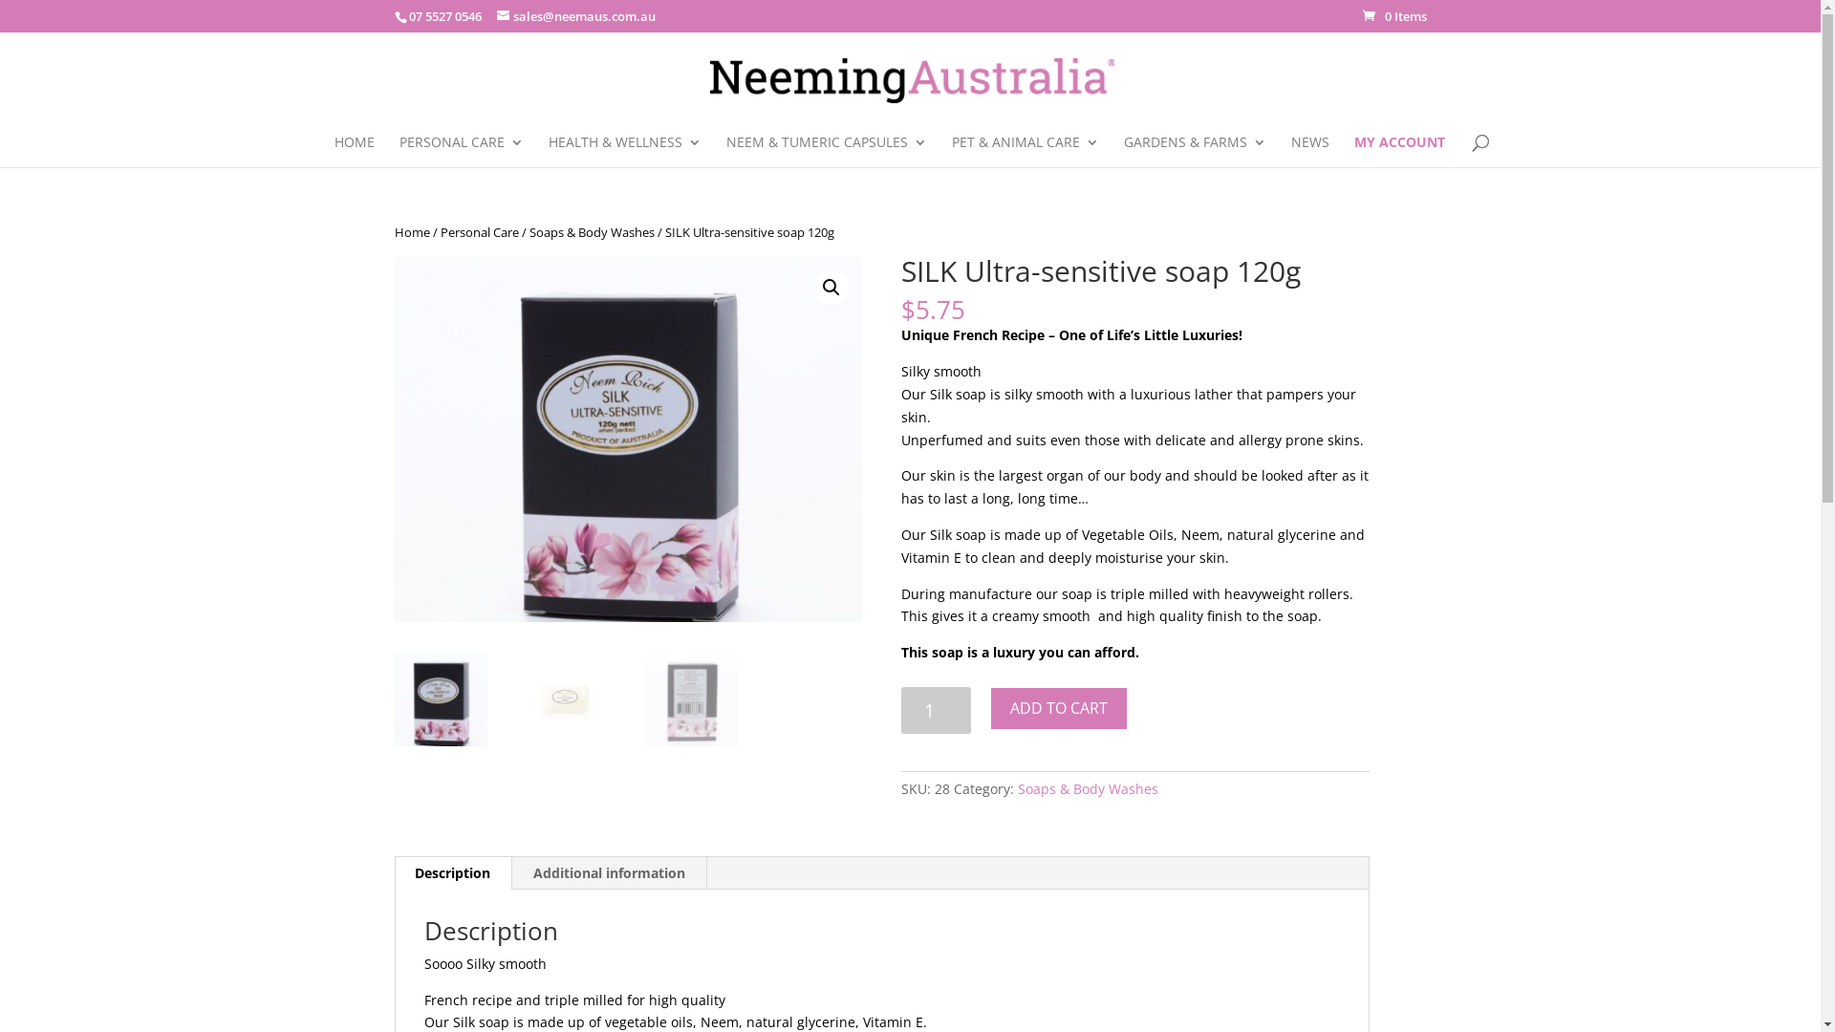  Describe the element at coordinates (1025, 150) in the screenshot. I see `'PET & ANIMAL CARE'` at that location.